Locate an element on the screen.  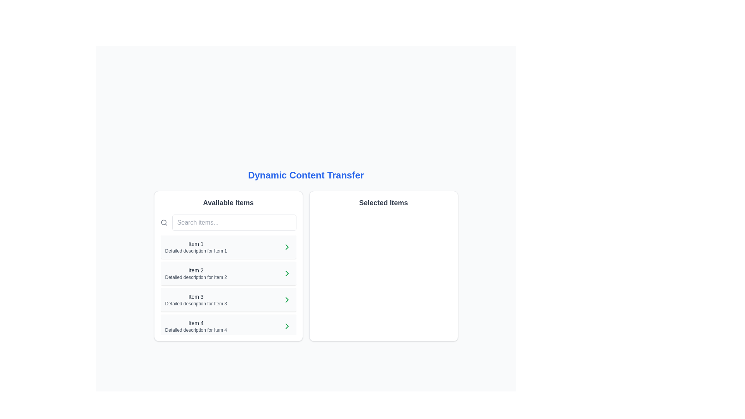
text of the 'Selected Items' heading, which is displayed in bold, gray font at the top of the right-hand panel is located at coordinates (383, 203).